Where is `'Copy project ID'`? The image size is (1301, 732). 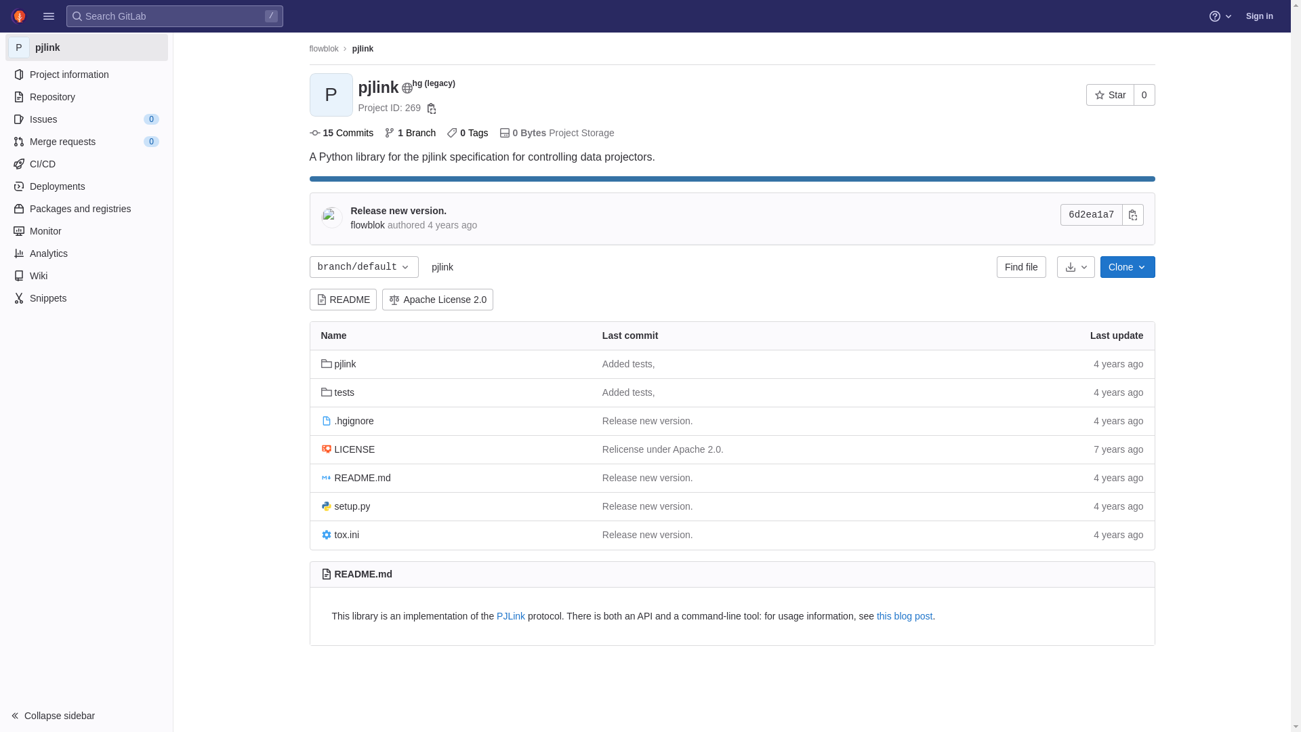
'Copy project ID' is located at coordinates (431, 107).